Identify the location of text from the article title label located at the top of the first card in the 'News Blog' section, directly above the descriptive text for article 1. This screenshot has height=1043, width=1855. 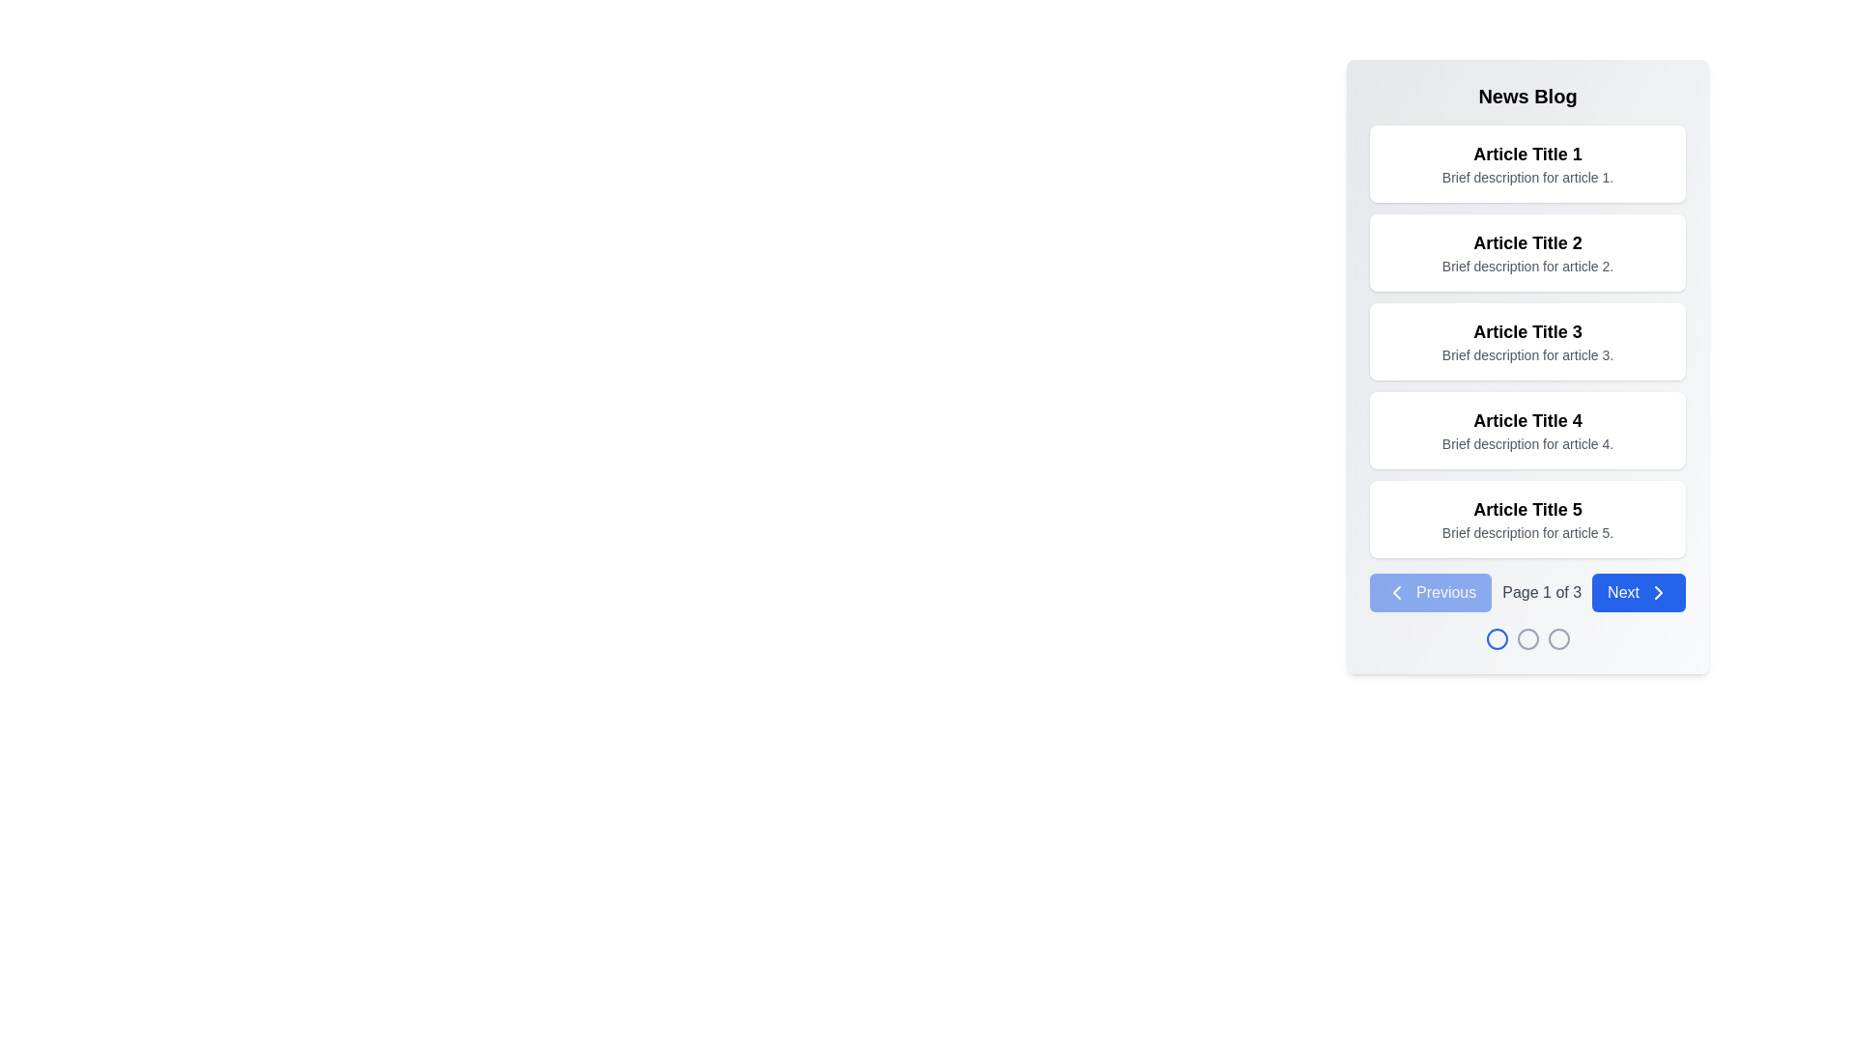
(1527, 153).